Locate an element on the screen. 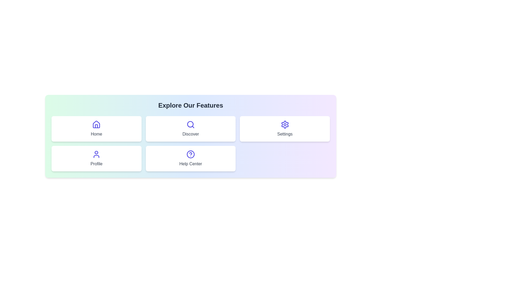 Image resolution: width=510 pixels, height=287 pixels. the 'Home' SVG icon located at the center of the 'Home' button, positioned at the top-left of the interface, as a non-interactive visual is located at coordinates (96, 125).